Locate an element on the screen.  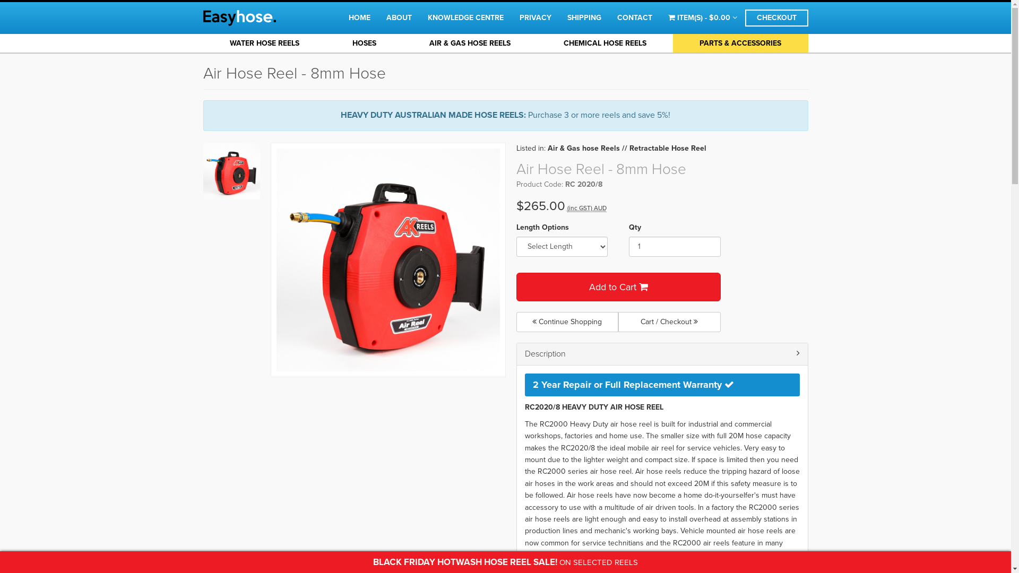
'PARTS & ACCESSORIES' is located at coordinates (740, 42).